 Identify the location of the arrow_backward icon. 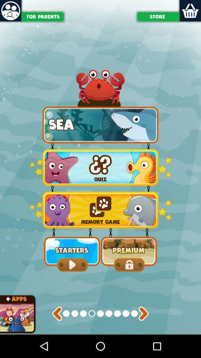
(57, 335).